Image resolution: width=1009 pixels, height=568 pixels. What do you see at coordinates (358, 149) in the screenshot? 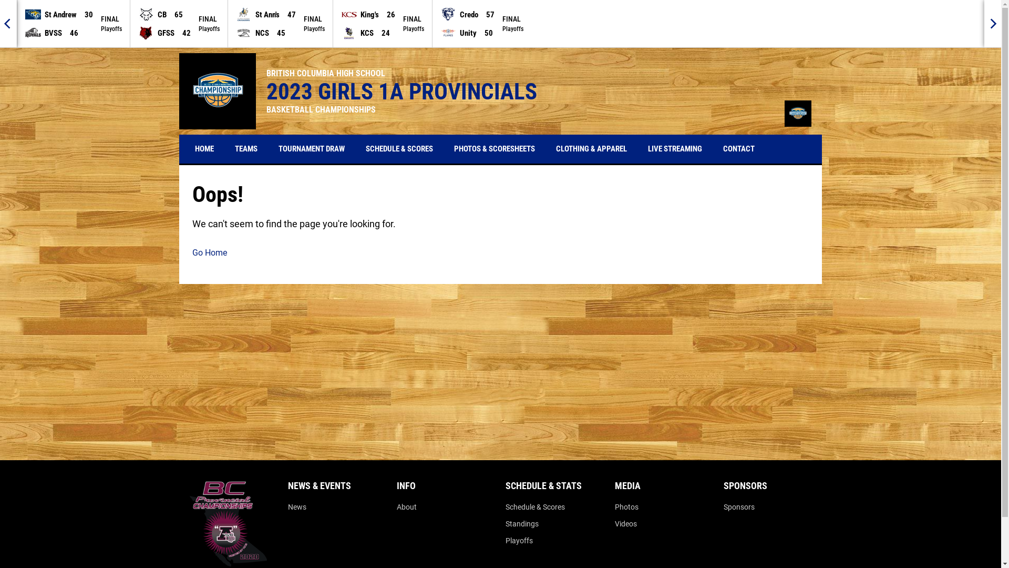
I see `'SCHEDULE & SCORES'` at bounding box center [358, 149].